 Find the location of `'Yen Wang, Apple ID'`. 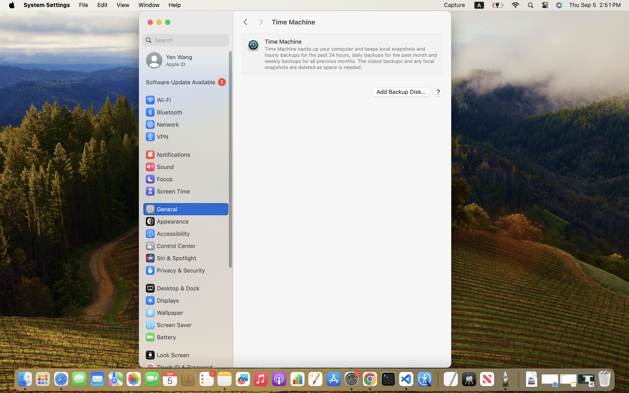

'Yen Wang, Apple ID' is located at coordinates (169, 60).